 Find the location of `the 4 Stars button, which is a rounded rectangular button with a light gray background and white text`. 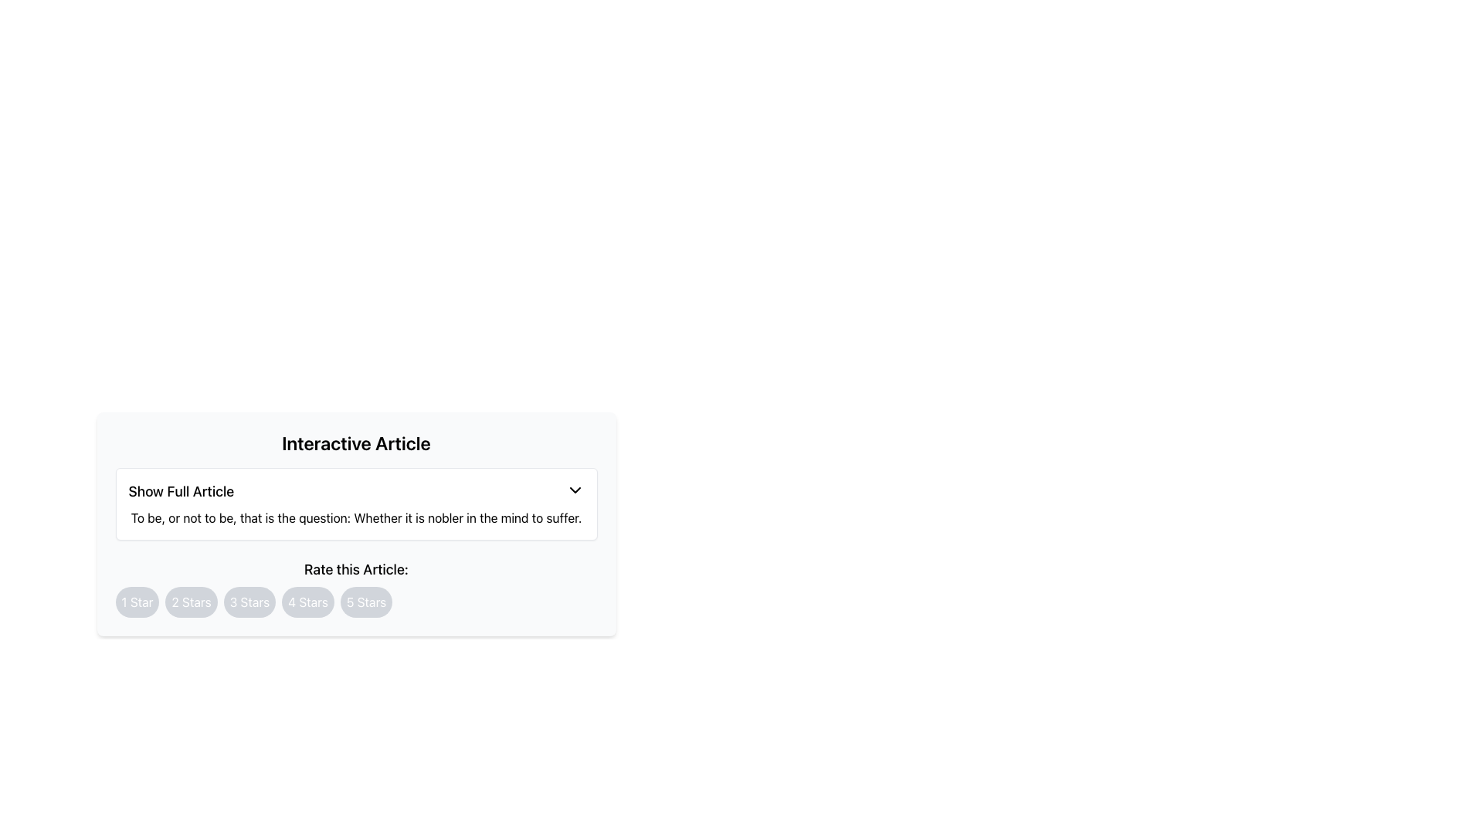

the 4 Stars button, which is a rounded rectangular button with a light gray background and white text is located at coordinates (307, 601).